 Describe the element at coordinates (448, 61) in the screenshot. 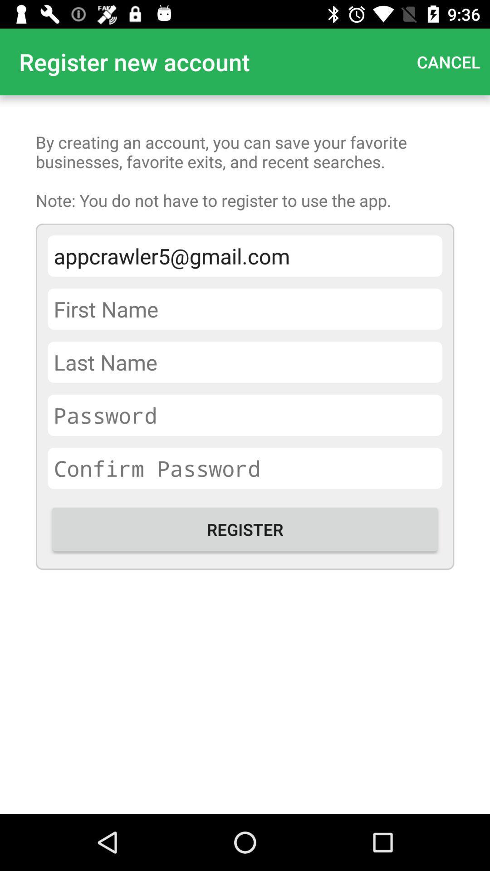

I see `the app next to the register new account app` at that location.